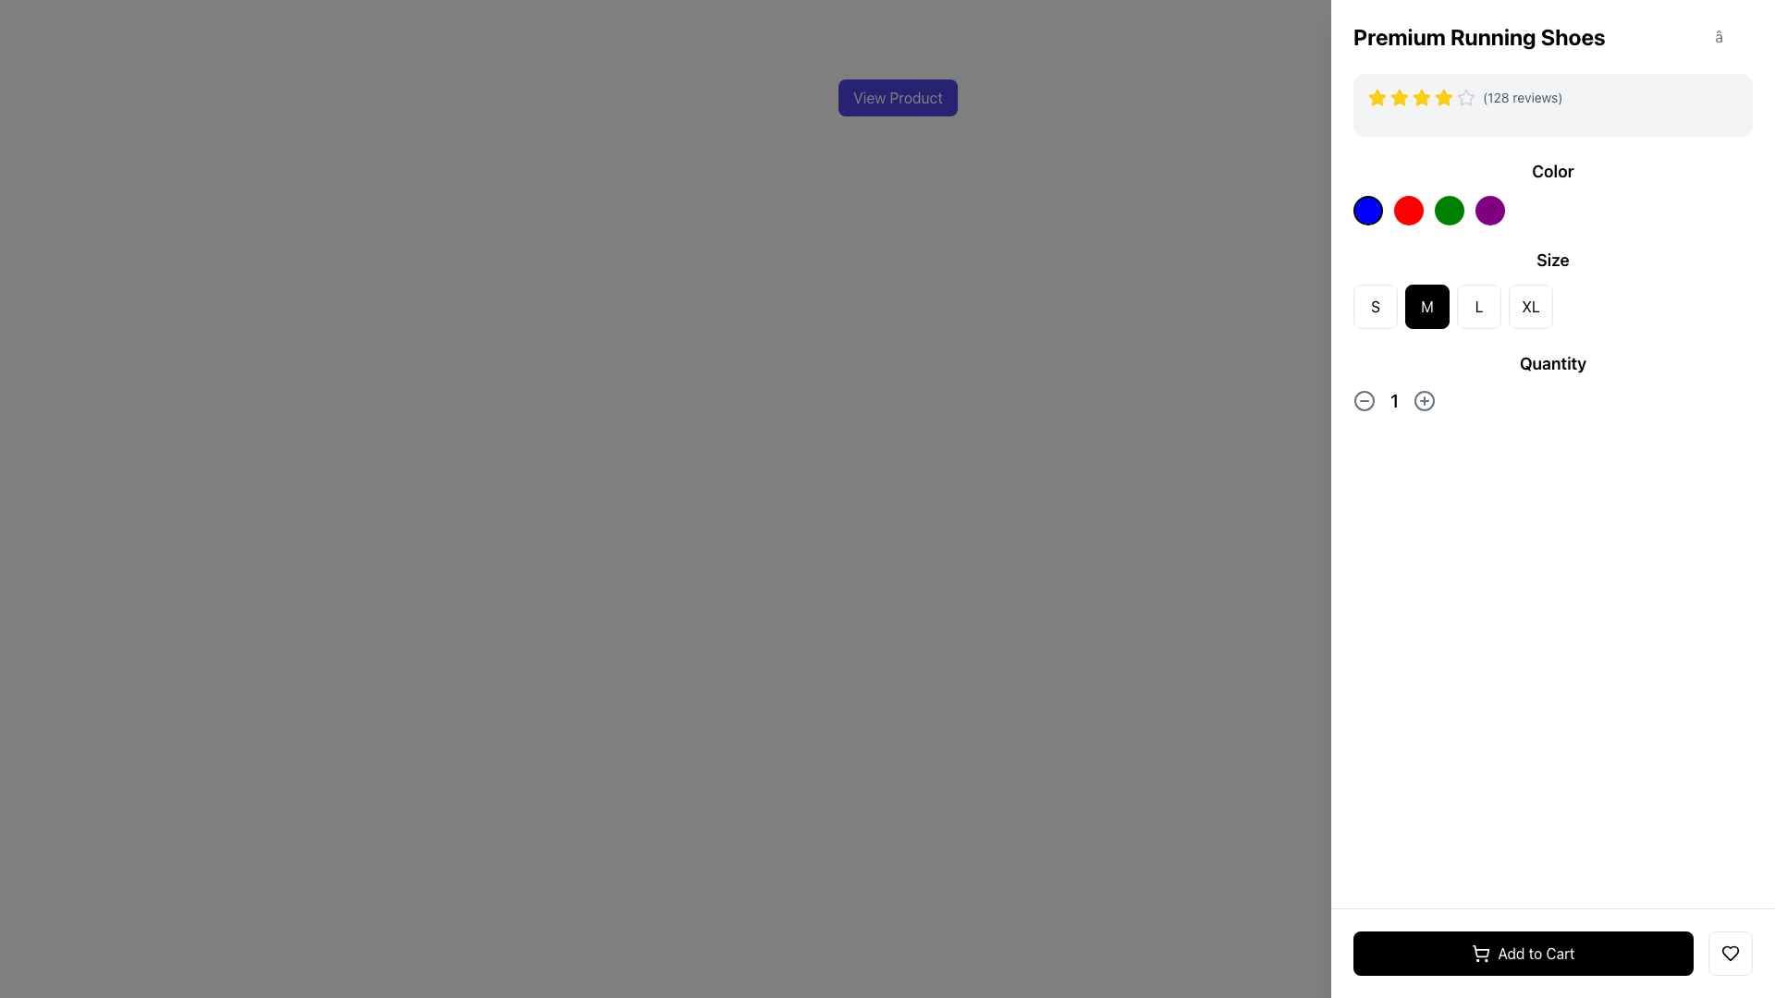  What do you see at coordinates (1464, 97) in the screenshot?
I see `the fifth star icon with a gray outline, which is the rightmost star in a horizontal group of five stars under the product name` at bounding box center [1464, 97].